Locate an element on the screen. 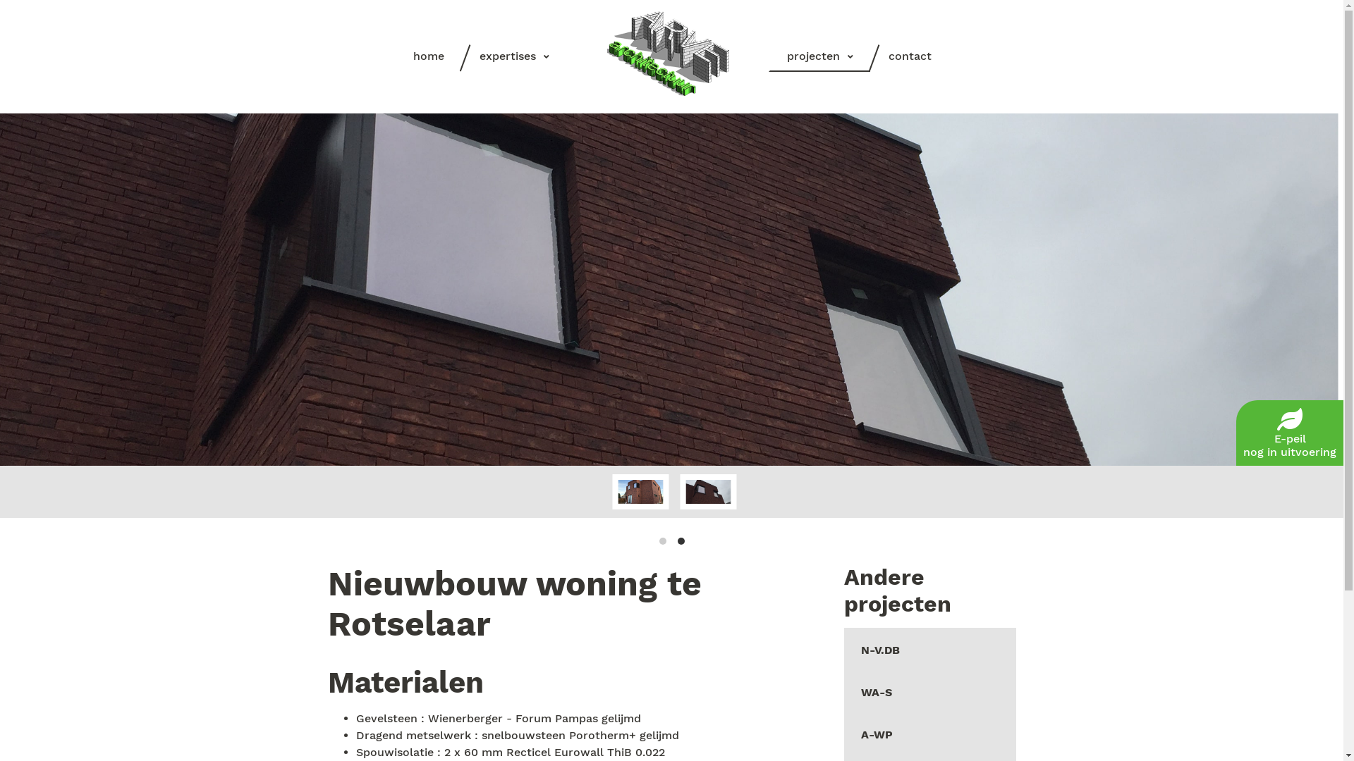  'WA-S' is located at coordinates (929, 690).